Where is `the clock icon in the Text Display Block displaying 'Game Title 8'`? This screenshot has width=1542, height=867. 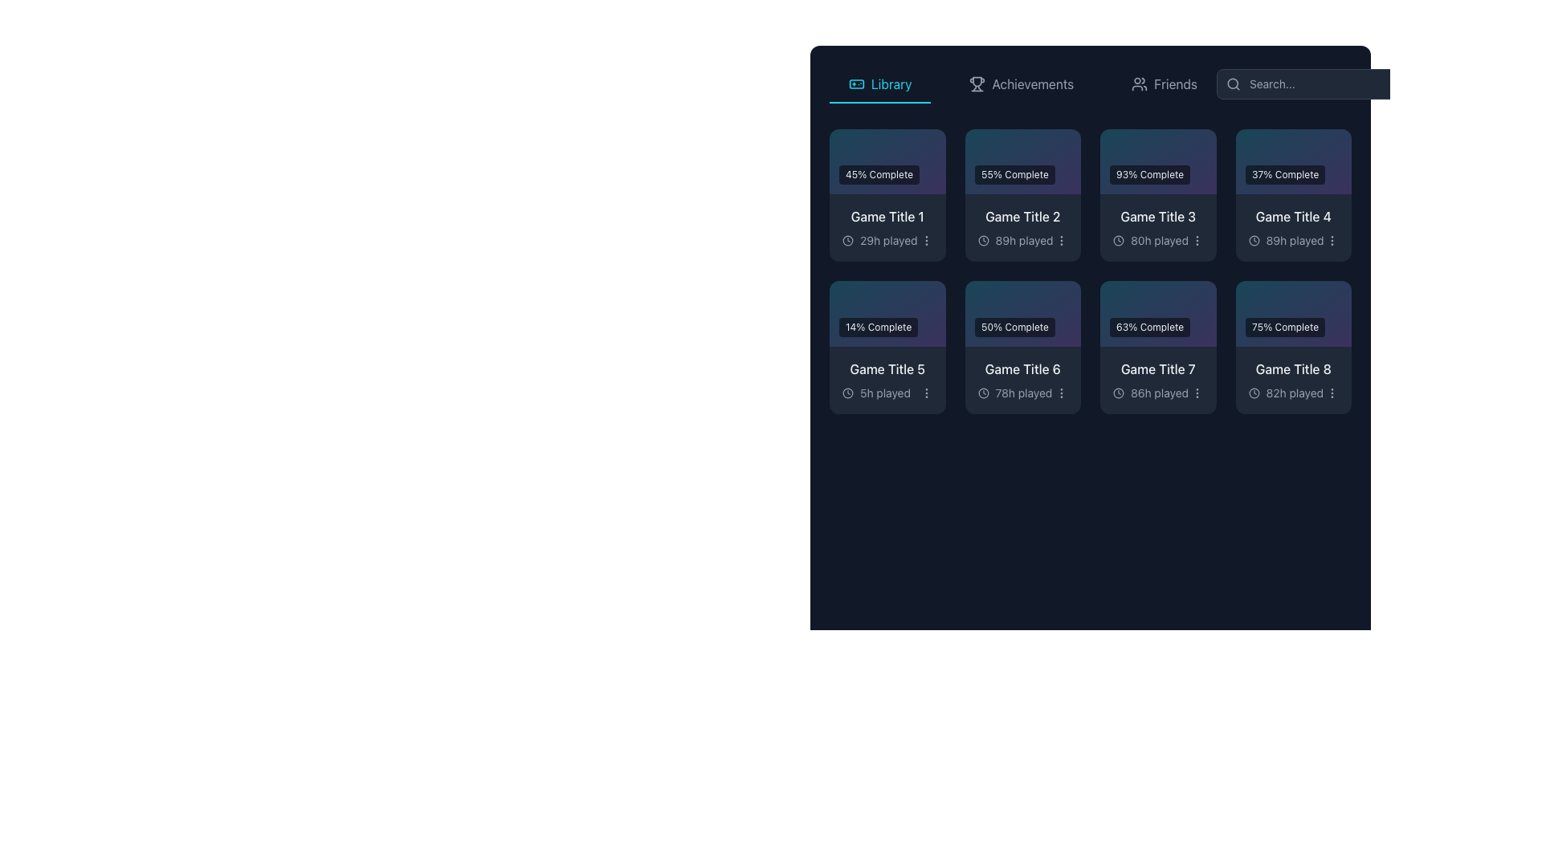 the clock icon in the Text Display Block displaying 'Game Title 8' is located at coordinates (1293, 380).